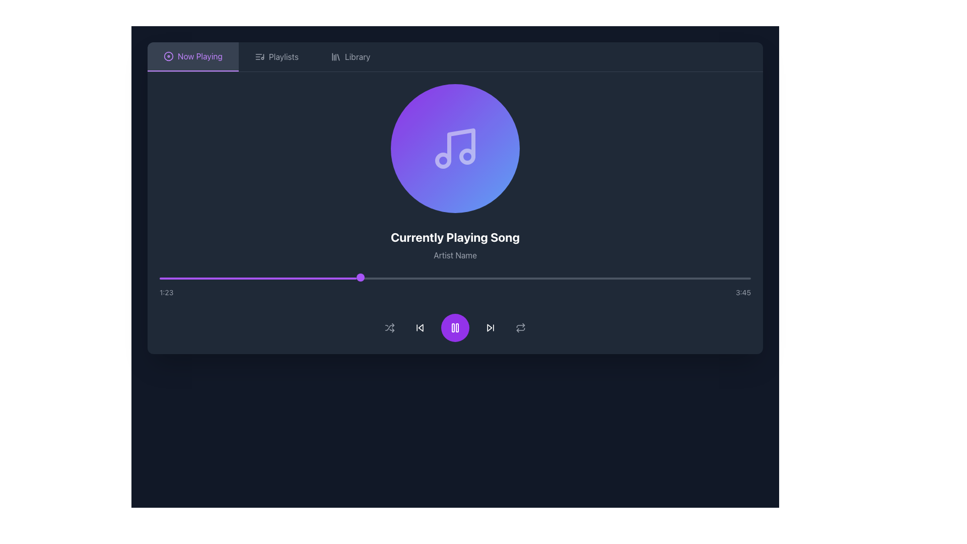  I want to click on the clickable circular button with a purple background and a white pause icon, so click(454, 328).